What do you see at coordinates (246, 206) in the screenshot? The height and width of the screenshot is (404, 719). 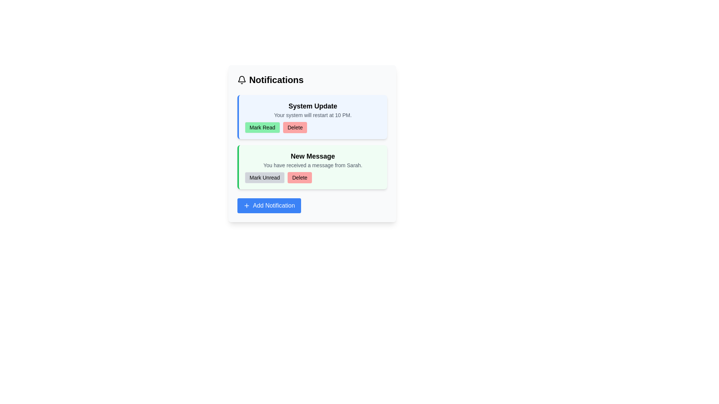 I see `the icon within the 'Add Notification' button` at bounding box center [246, 206].